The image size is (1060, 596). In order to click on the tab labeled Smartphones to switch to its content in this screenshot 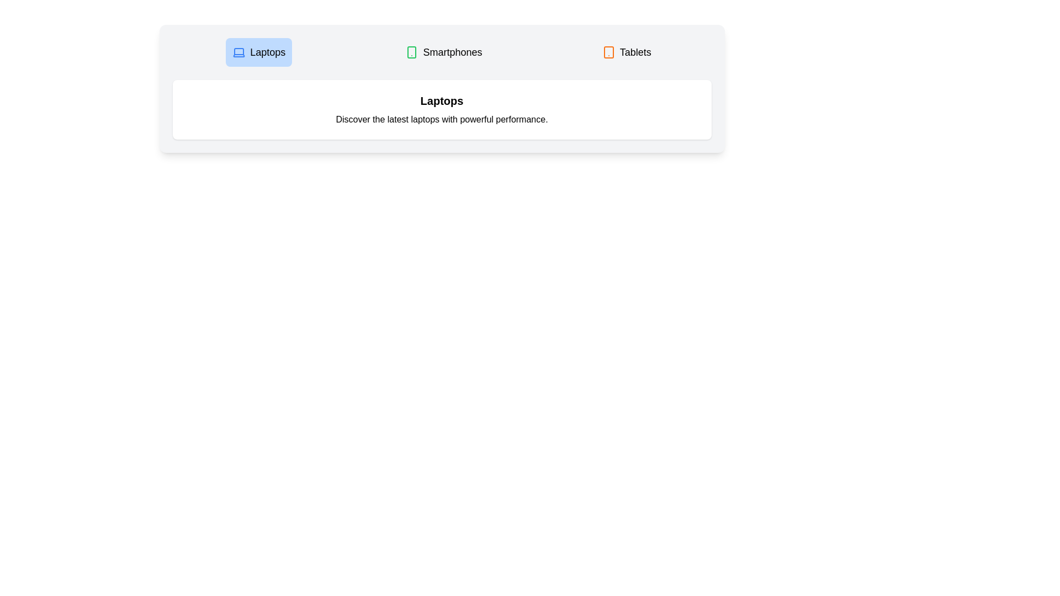, I will do `click(443, 52)`.